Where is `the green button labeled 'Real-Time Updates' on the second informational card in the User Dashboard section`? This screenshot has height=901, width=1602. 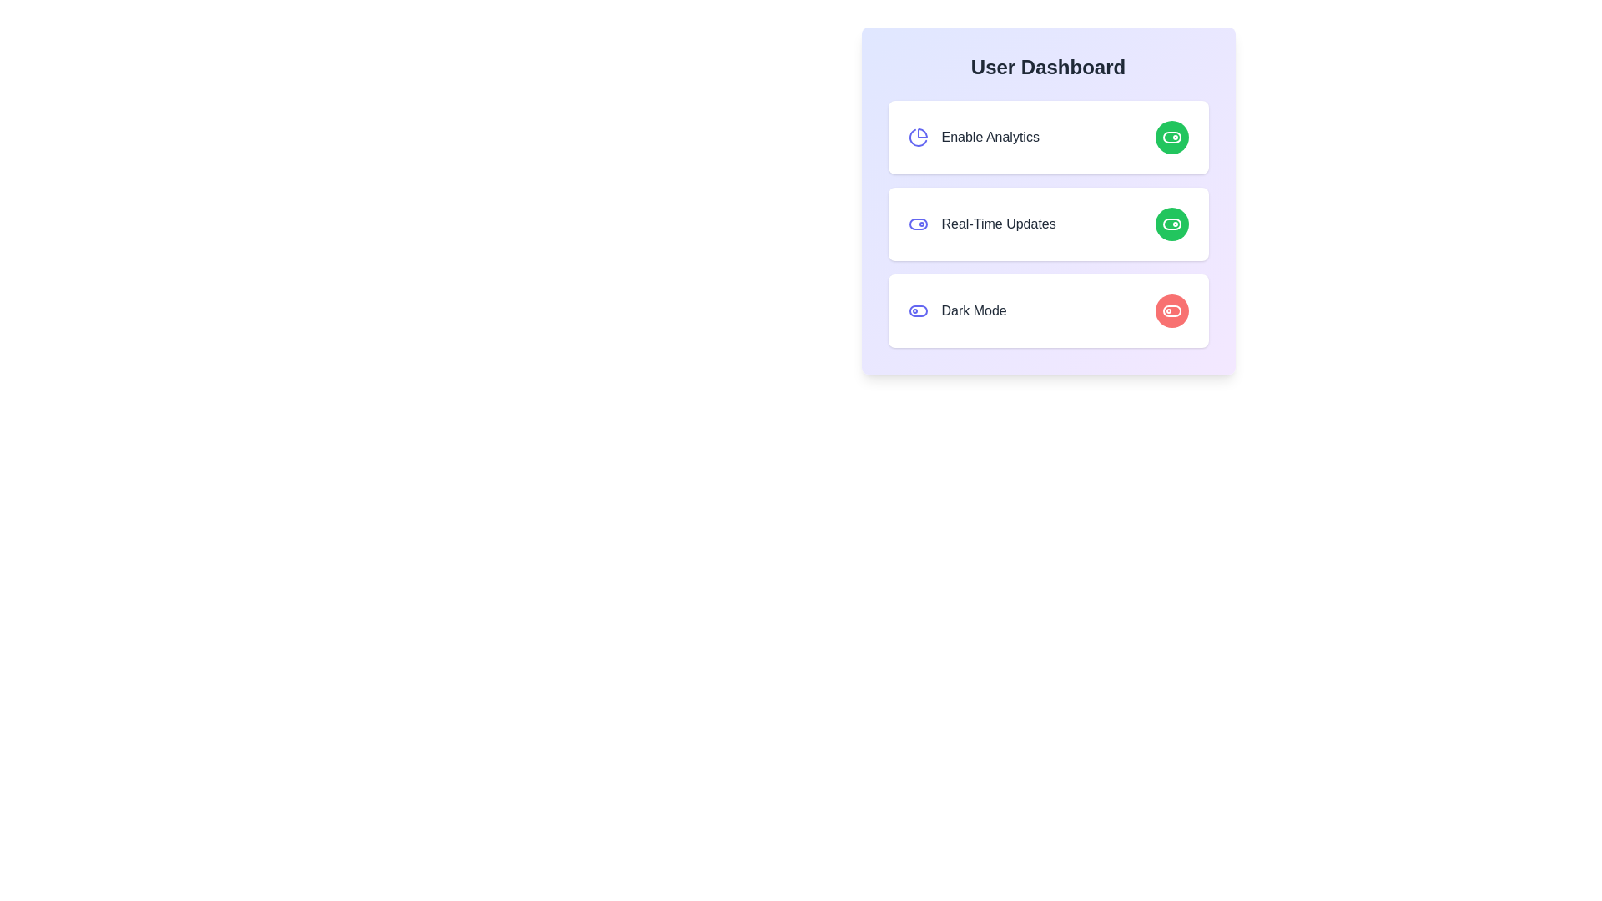
the green button labeled 'Real-Time Updates' on the second informational card in the User Dashboard section is located at coordinates (1047, 199).